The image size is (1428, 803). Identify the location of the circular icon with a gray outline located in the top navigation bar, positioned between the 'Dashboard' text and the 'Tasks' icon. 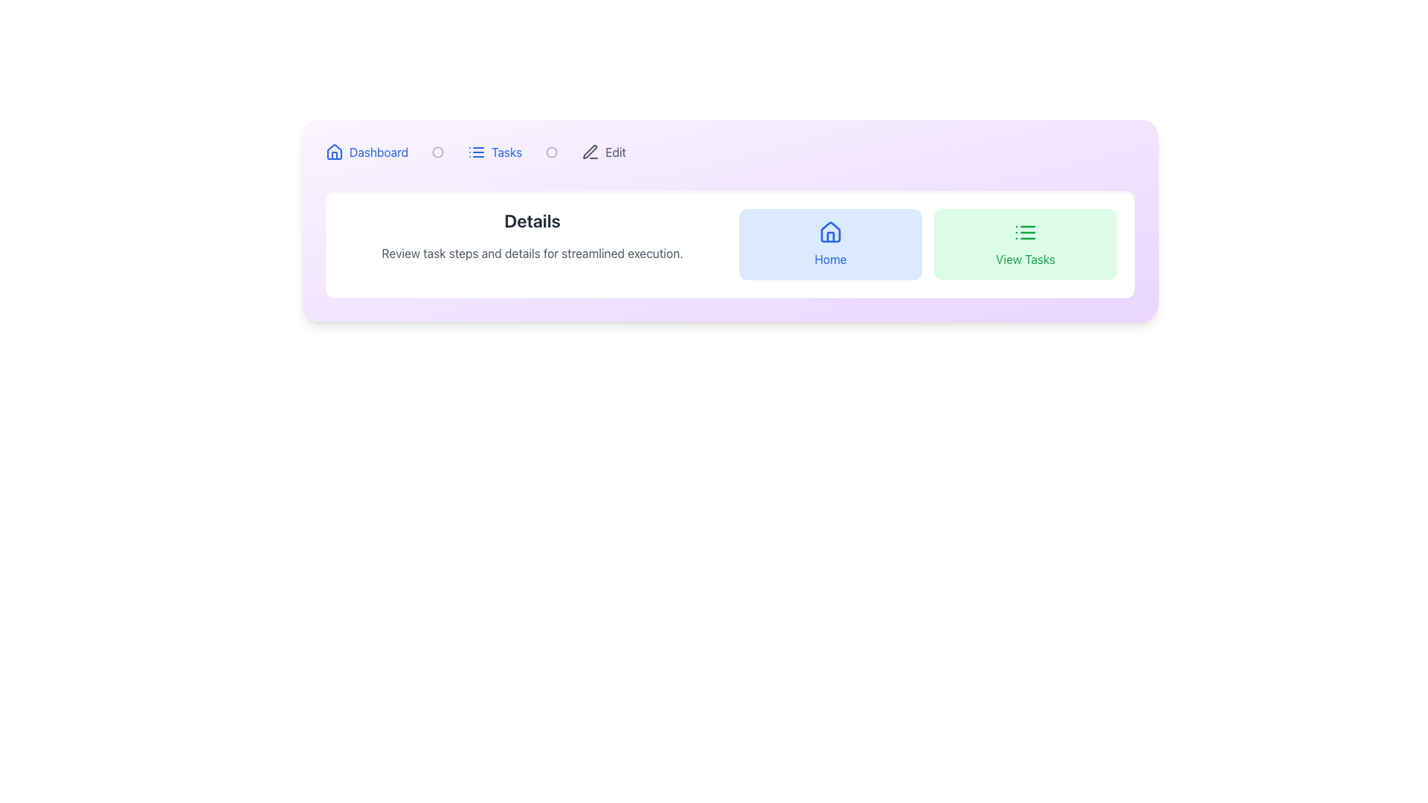
(551, 152).